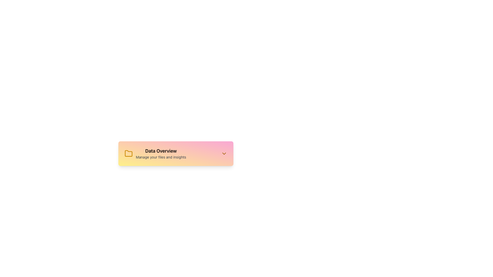 The height and width of the screenshot is (277, 493). I want to click on the bright yellow folder-shaped icon located on the leftmost side of the horizontal arrangement, adjacent to the 'Data Overview' and 'Manage your files and insights' text elements for interaction, so click(128, 153).